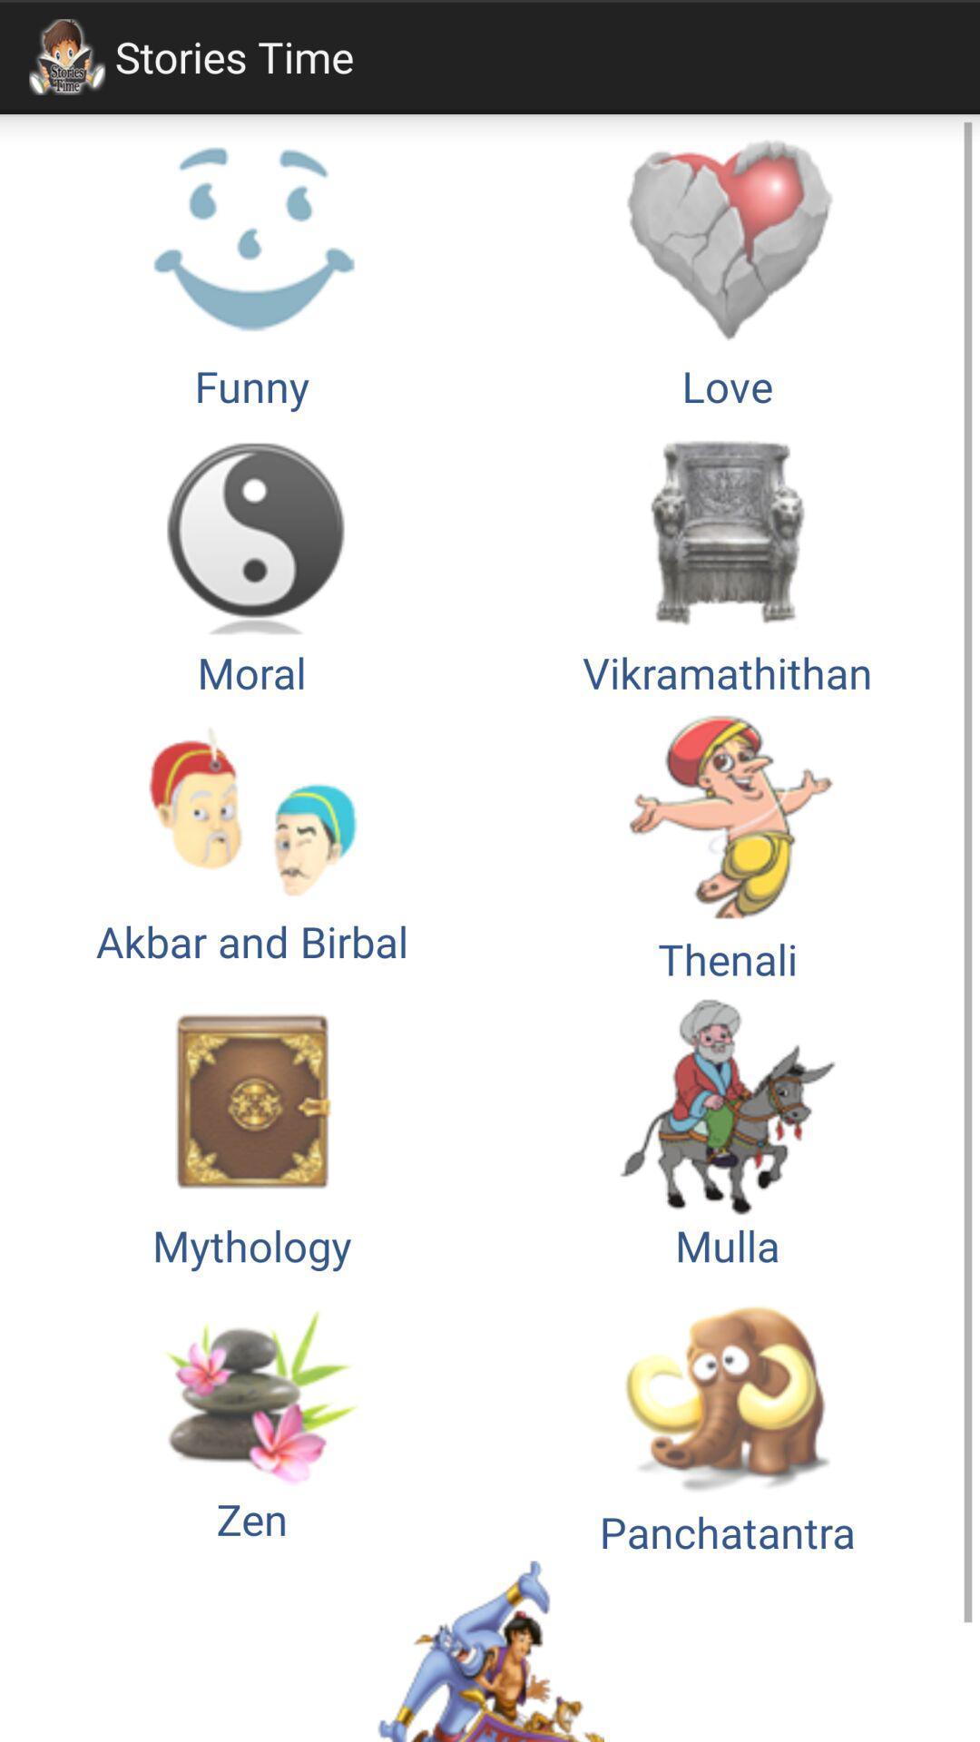 The height and width of the screenshot is (1742, 980). I want to click on item at the bottom right corner, so click(727, 1416).